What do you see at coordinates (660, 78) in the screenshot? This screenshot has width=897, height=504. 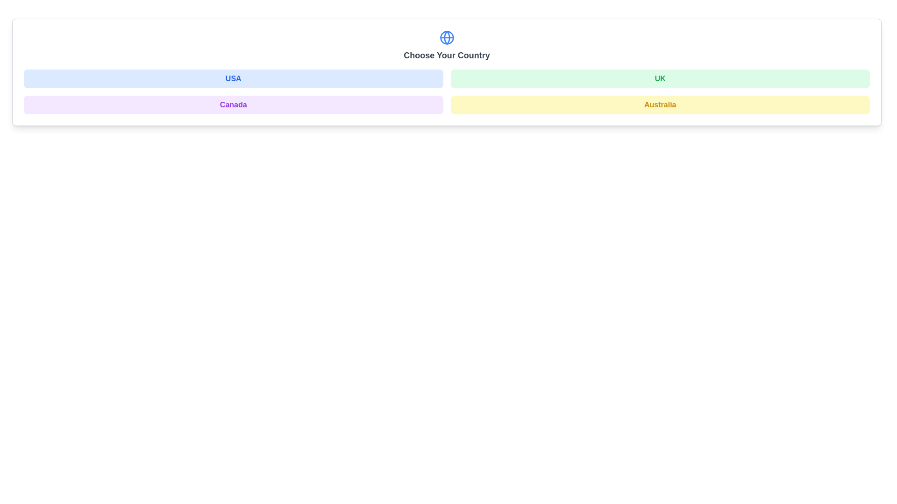 I see `the text label displaying 'UK' in bold green font, which is located in the second column of the top row of the grid layout, within a green background button` at bounding box center [660, 78].